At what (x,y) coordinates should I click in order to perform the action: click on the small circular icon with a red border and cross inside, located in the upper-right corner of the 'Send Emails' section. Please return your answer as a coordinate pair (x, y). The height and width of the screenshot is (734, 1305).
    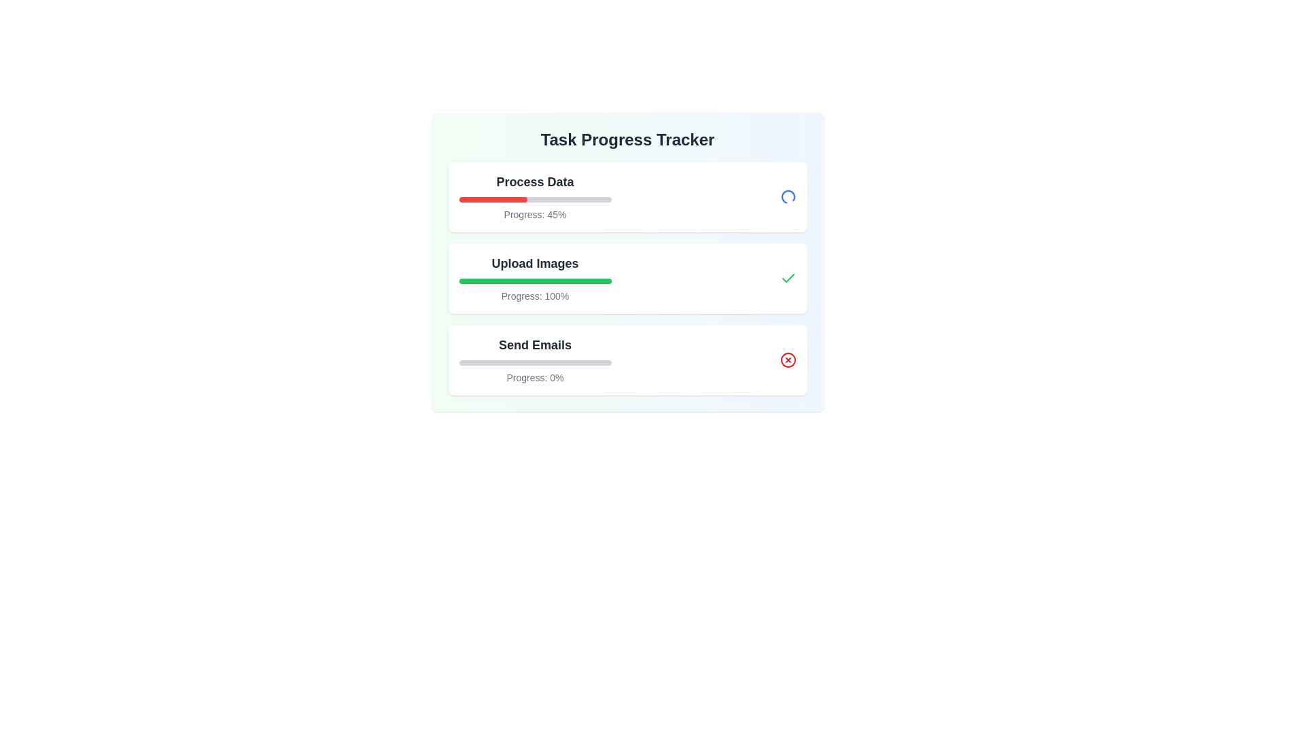
    Looking at the image, I should click on (788, 359).